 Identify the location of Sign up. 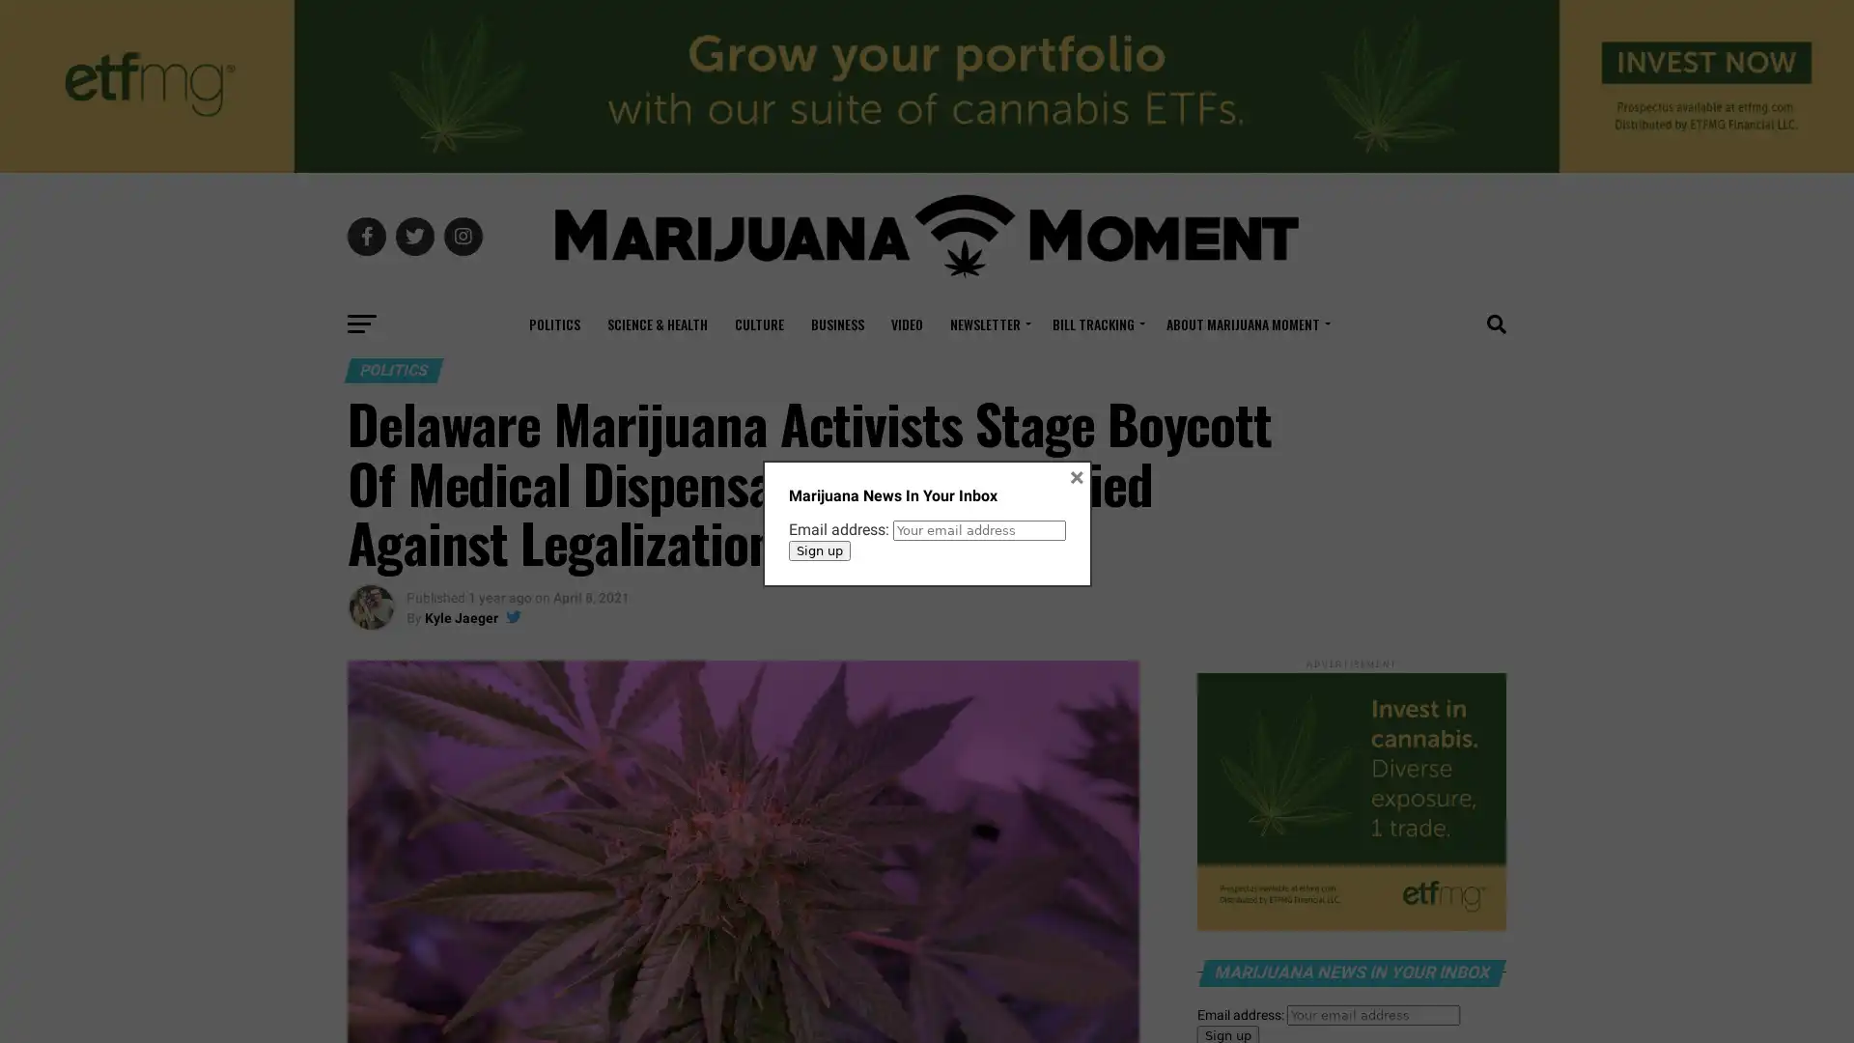
(819, 550).